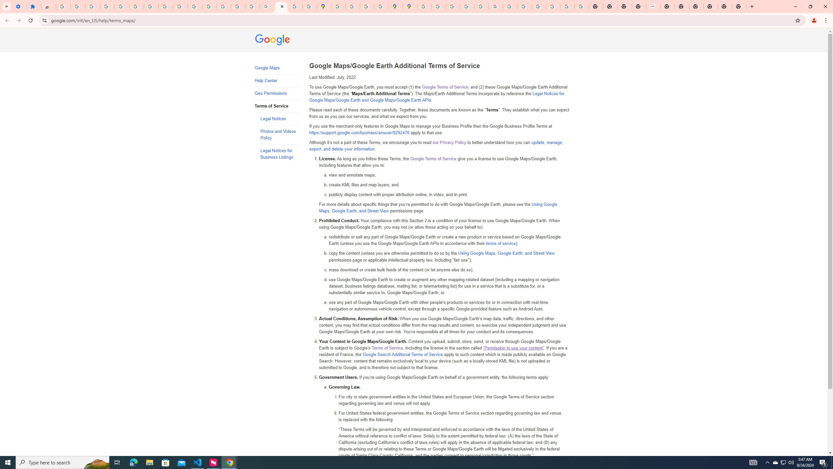 The width and height of the screenshot is (833, 469). I want to click on 'Privacy Help Center - Policies Help', so click(453, 6).